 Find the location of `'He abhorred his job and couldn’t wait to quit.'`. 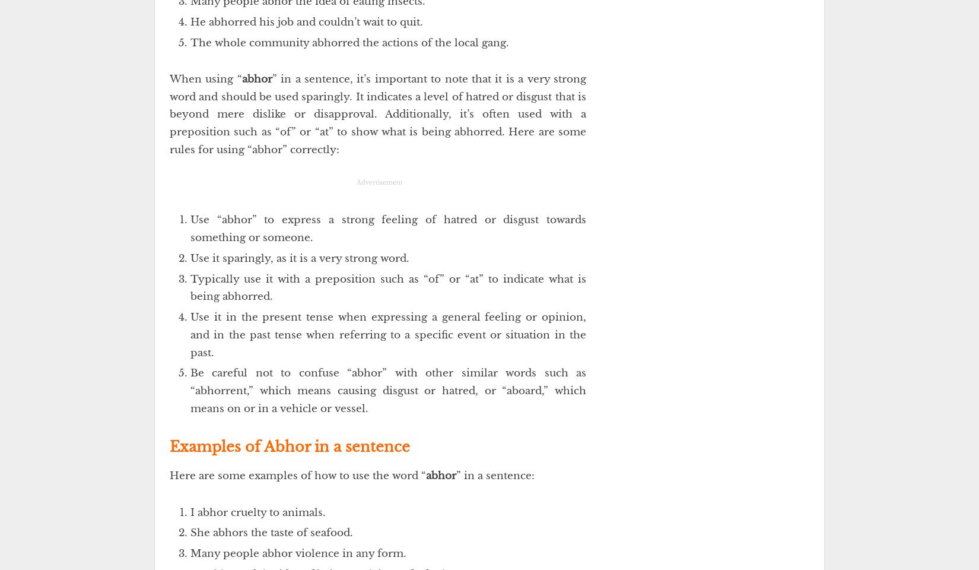

'He abhorred his job and couldn’t wait to quit.' is located at coordinates (306, 21).